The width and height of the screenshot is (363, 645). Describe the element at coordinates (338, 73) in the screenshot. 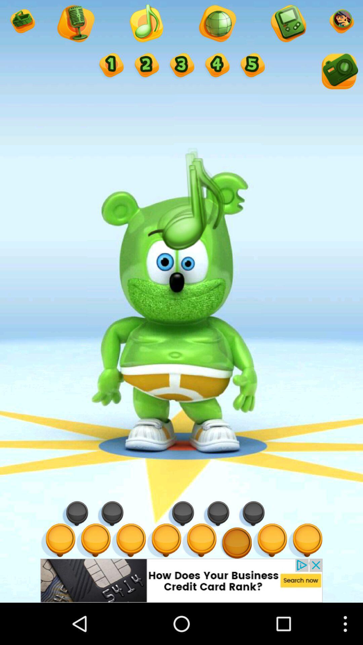

I see `take picure` at that location.